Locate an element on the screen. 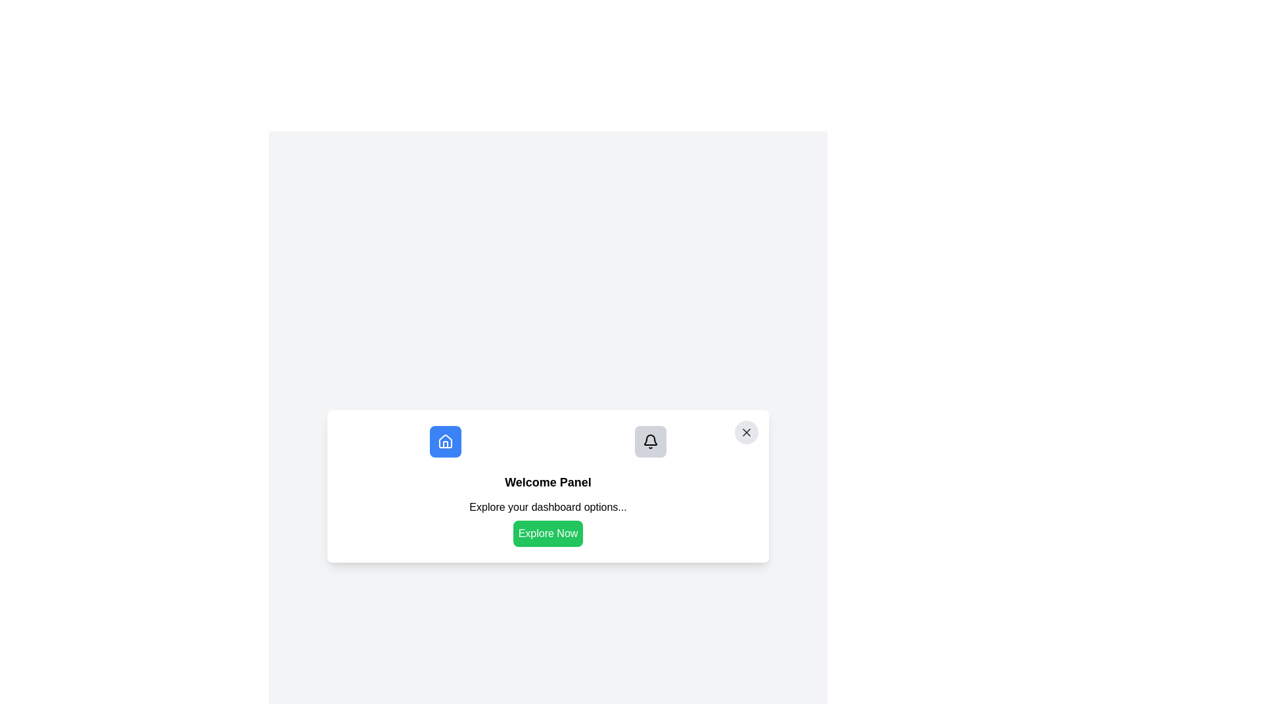 This screenshot has width=1262, height=710. the close button located at the top-right corner of the 'Welcome Panel' is located at coordinates (747, 433).